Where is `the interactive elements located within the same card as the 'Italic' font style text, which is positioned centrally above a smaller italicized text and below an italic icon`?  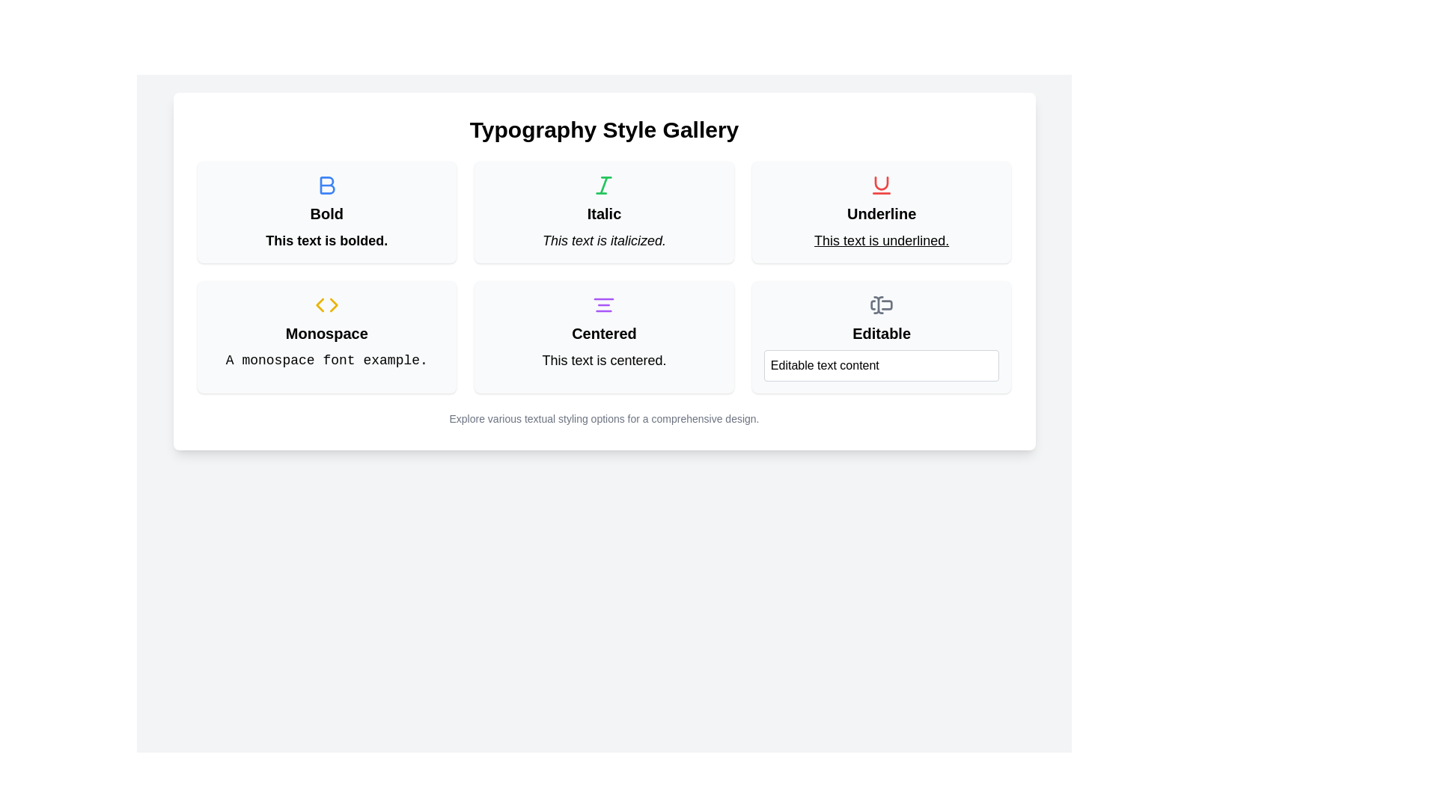 the interactive elements located within the same card as the 'Italic' font style text, which is positioned centrally above a smaller italicized text and below an italic icon is located at coordinates (604, 213).